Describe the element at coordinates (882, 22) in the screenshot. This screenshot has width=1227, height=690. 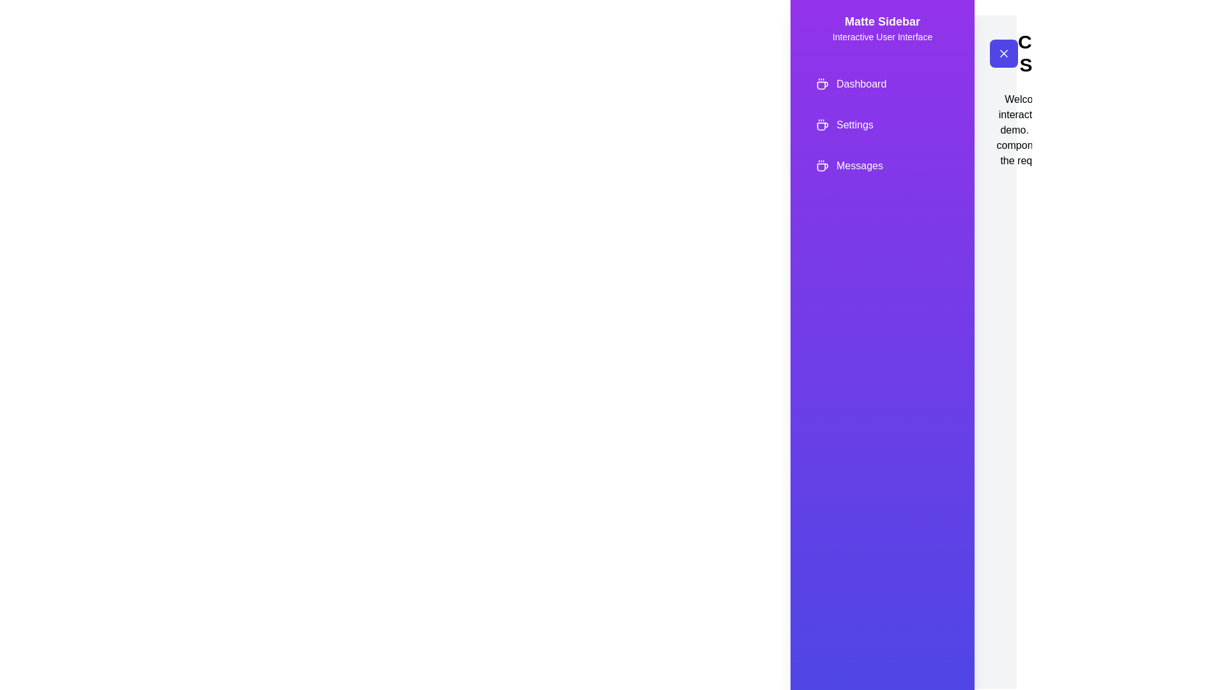
I see `the bold text label 'Matte Sidebar' styled in white on a purple background, located near the top of the sidebar` at that location.